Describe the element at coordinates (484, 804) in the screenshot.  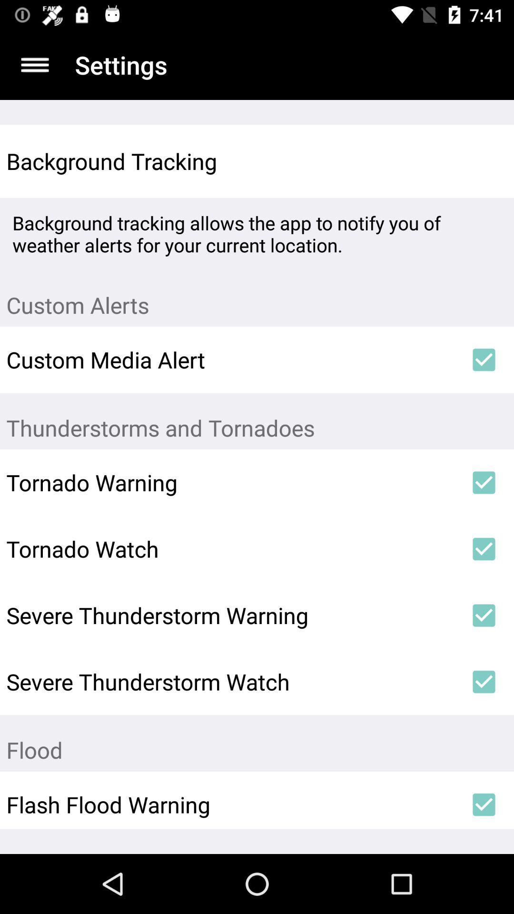
I see `the icon next to the flash flood warning item` at that location.